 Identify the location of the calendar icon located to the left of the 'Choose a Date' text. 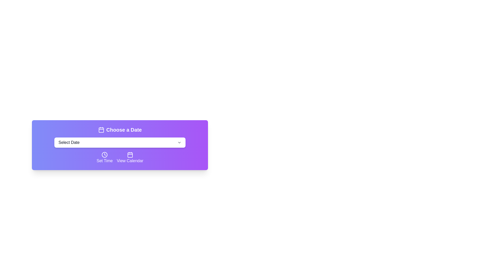
(101, 129).